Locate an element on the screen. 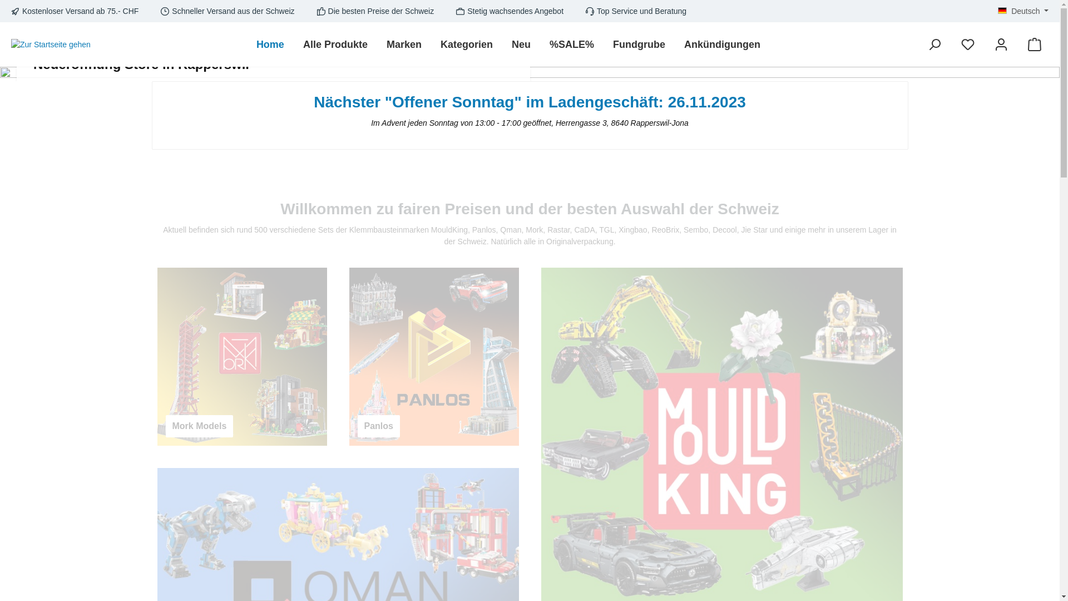  'Mein Konto' is located at coordinates (1001, 44).